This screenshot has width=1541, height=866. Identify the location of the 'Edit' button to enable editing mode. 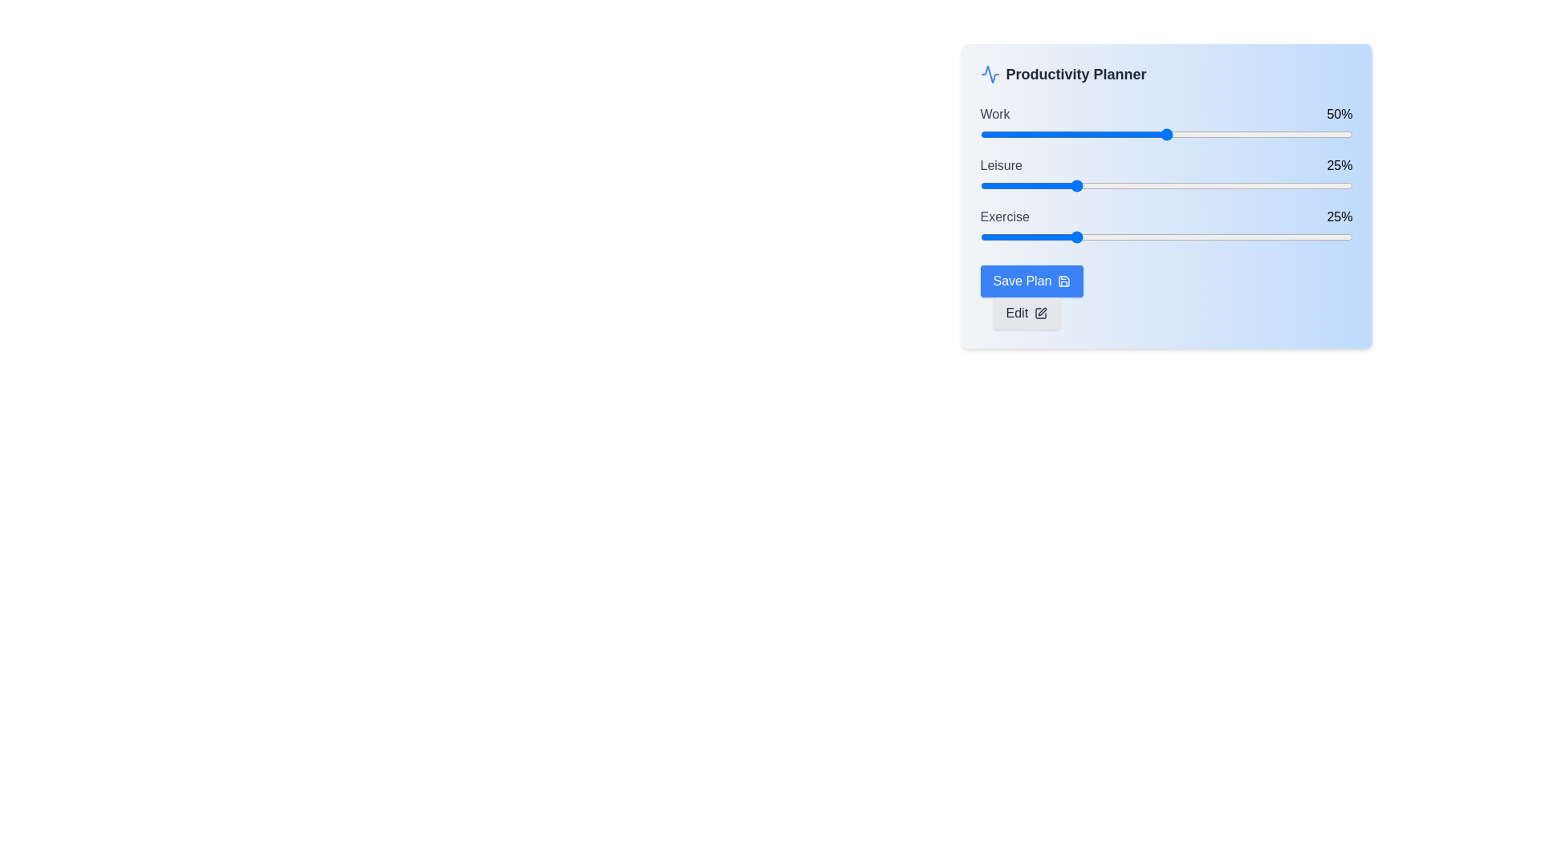
(1026, 313).